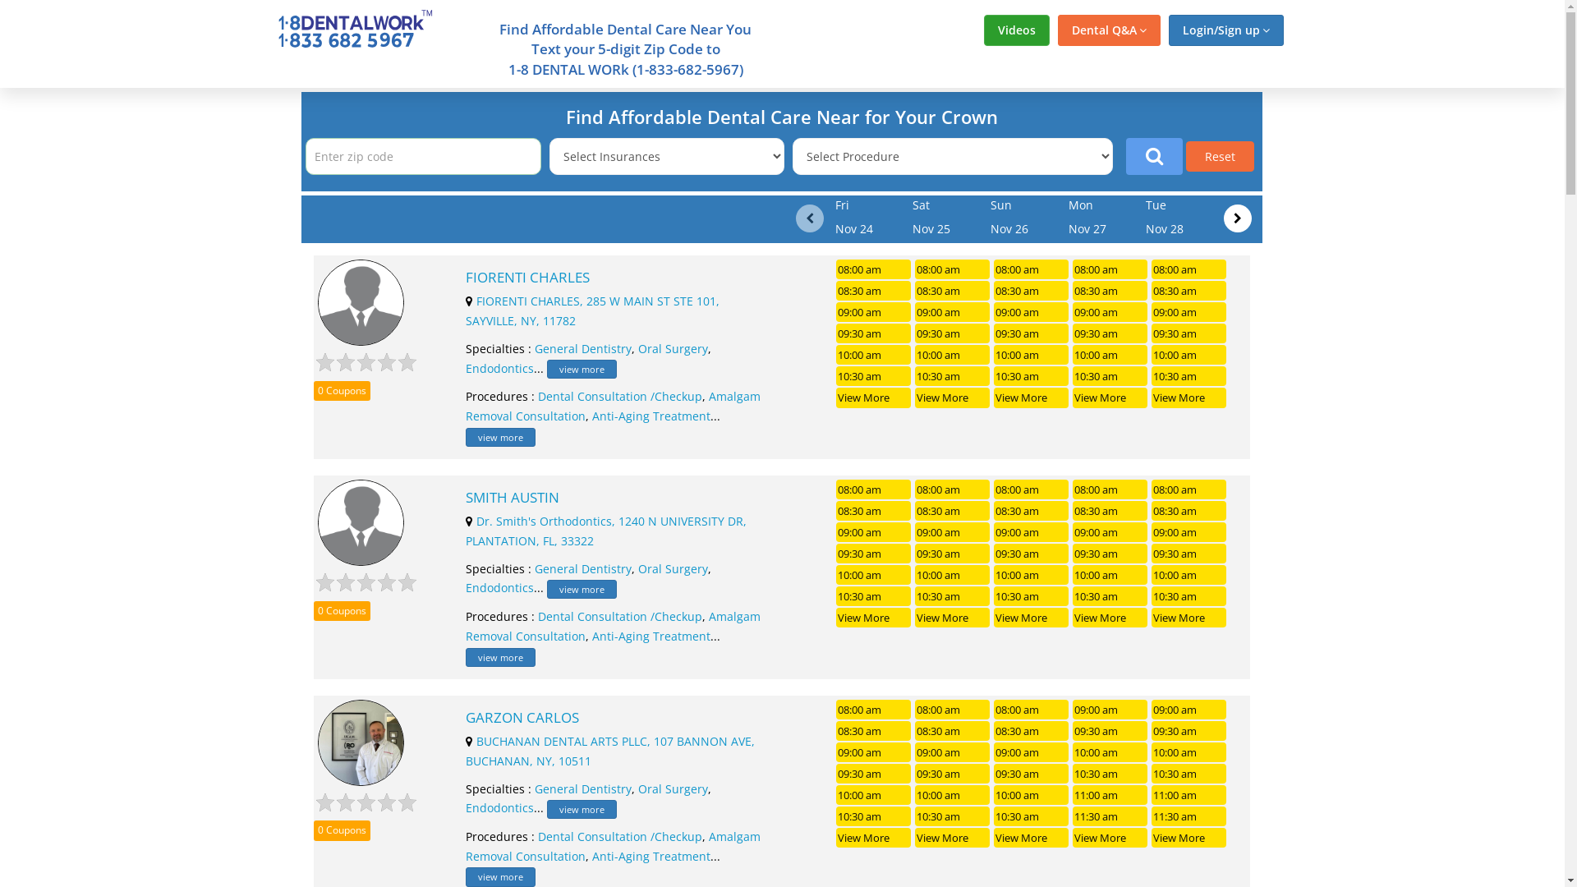 The width and height of the screenshot is (1577, 887). What do you see at coordinates (1016, 30) in the screenshot?
I see `'Videos'` at bounding box center [1016, 30].